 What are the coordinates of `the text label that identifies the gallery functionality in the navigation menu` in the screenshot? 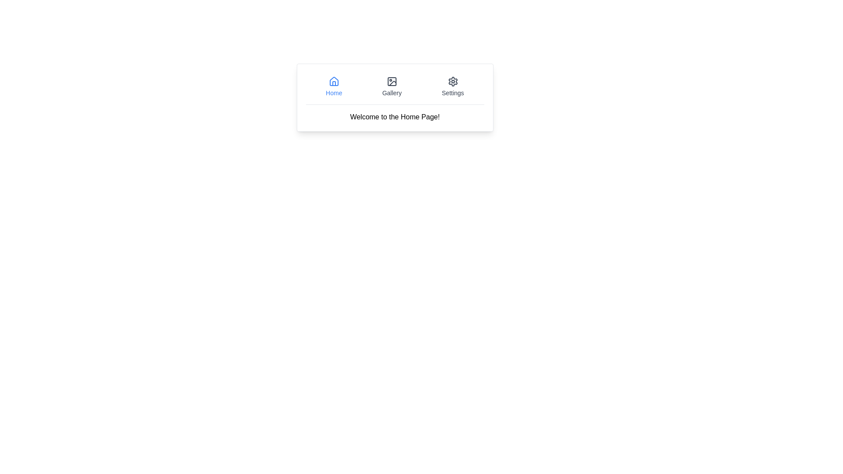 It's located at (391, 93).